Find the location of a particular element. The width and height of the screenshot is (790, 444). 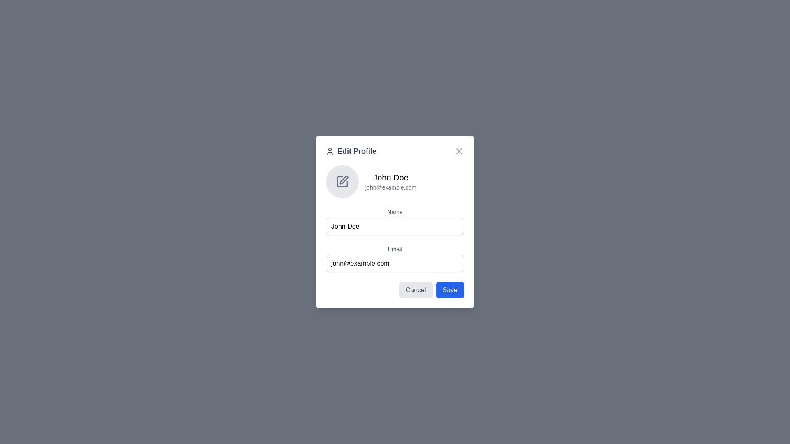

the text label displaying the word 'Name' in a medium-sized, gray-colored serif font, which is positioned above the input field for entering the user's name is located at coordinates (395, 212).